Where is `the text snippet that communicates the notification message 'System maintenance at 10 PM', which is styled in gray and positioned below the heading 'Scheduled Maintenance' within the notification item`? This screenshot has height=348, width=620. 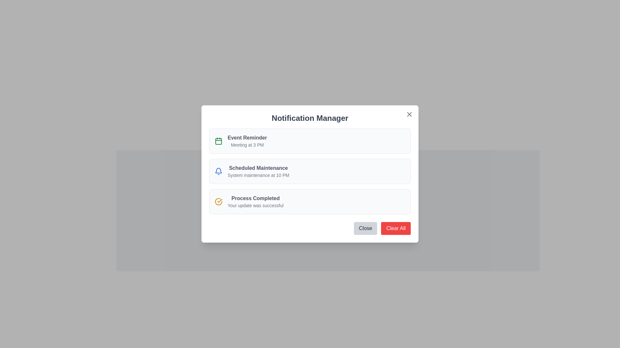 the text snippet that communicates the notification message 'System maintenance at 10 PM', which is styled in gray and positioned below the heading 'Scheduled Maintenance' within the notification item is located at coordinates (258, 175).